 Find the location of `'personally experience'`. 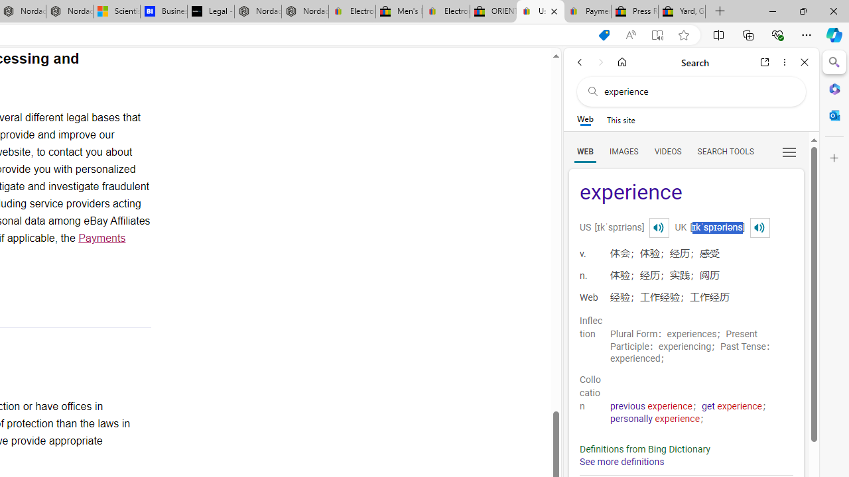

'personally experience' is located at coordinates (655, 419).